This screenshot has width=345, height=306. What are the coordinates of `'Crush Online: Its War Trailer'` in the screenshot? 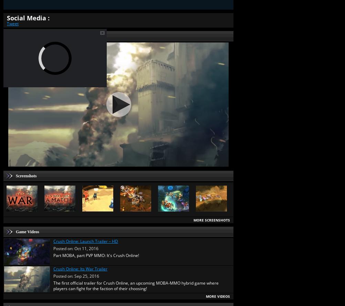 It's located at (80, 268).